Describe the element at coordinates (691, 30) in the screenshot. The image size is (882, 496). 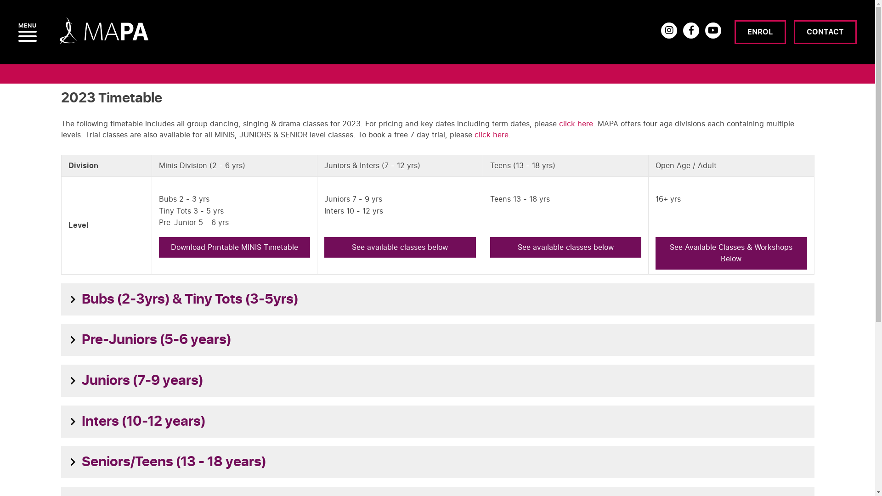
I see `'Follow us on Facebook'` at that location.